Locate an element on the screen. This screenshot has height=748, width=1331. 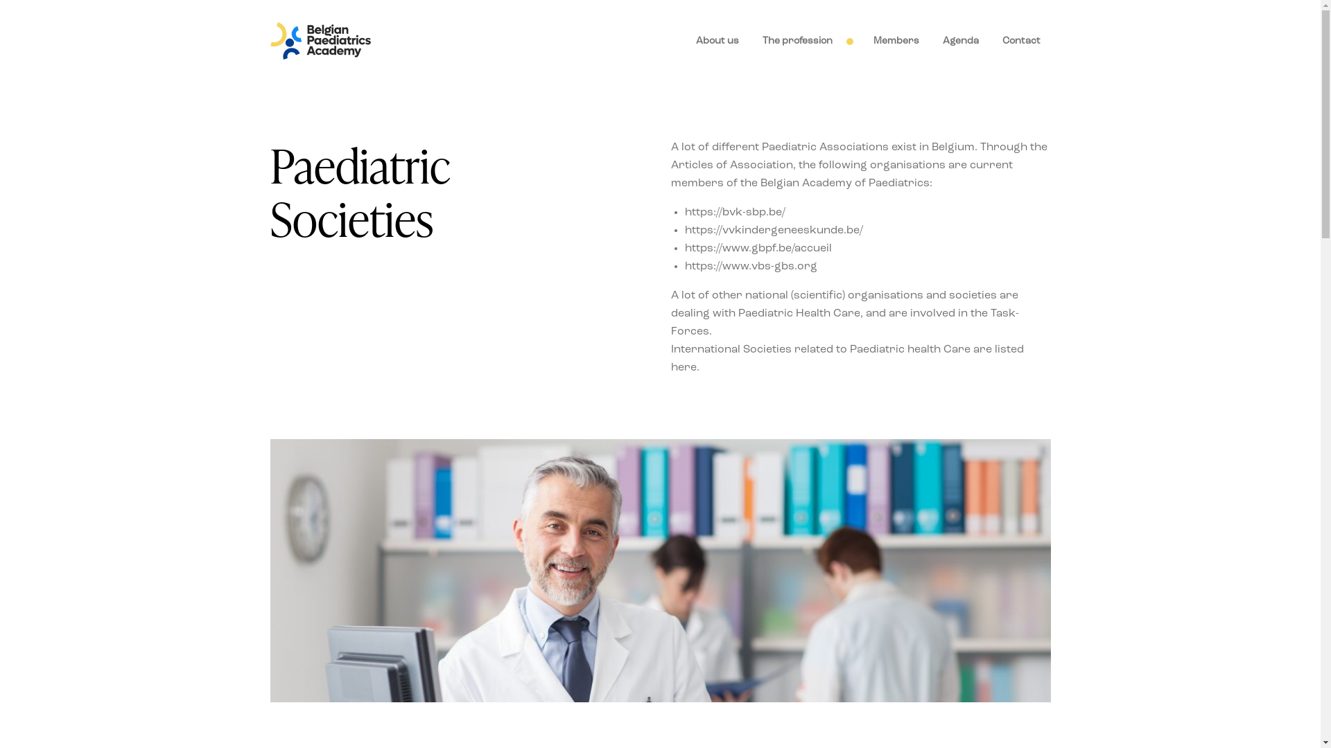
'Contact' is located at coordinates (1020, 41).